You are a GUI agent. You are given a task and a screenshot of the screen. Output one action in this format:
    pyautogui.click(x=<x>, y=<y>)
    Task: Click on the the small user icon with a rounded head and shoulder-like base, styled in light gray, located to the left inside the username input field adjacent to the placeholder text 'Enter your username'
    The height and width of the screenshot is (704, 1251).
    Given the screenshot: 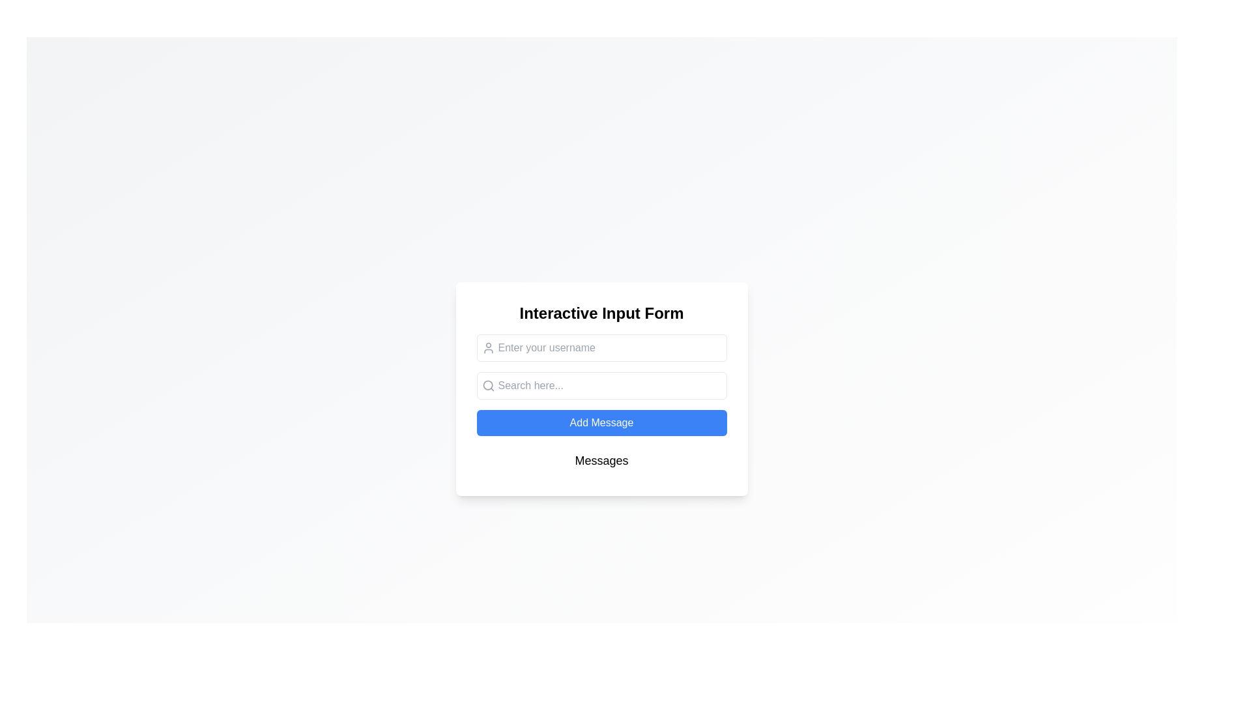 What is the action you would take?
    pyautogui.click(x=487, y=347)
    